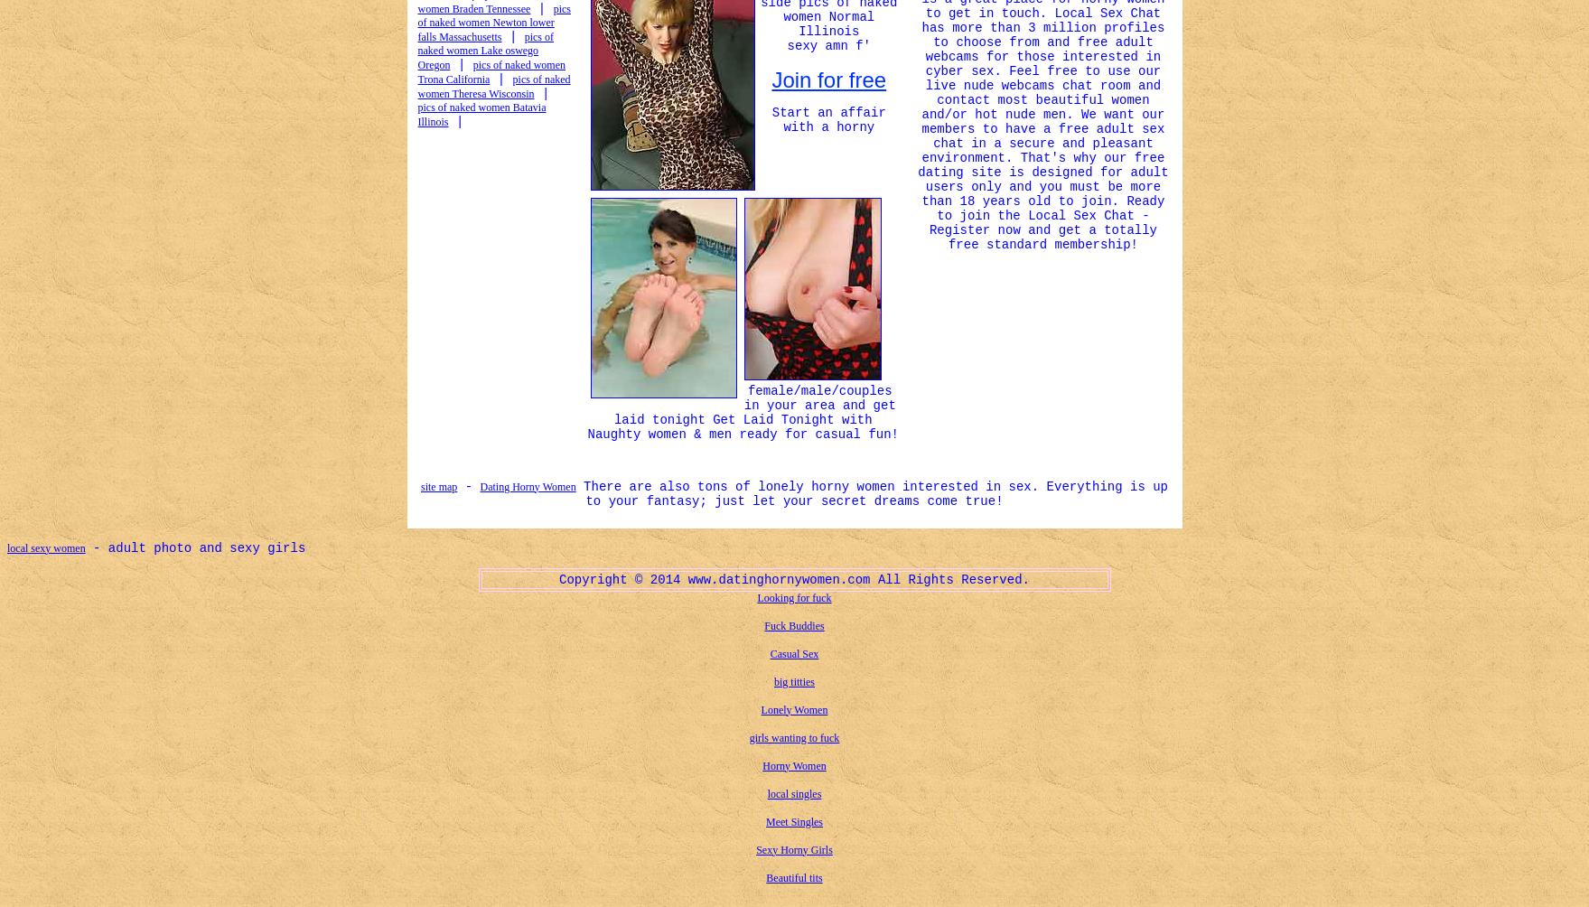 Image resolution: width=1589 pixels, height=907 pixels. I want to click on 'There are also tons of lonely horny women interested in sex. Everything is up to your fantasy; just let your secret dreams come true!', so click(870, 492).